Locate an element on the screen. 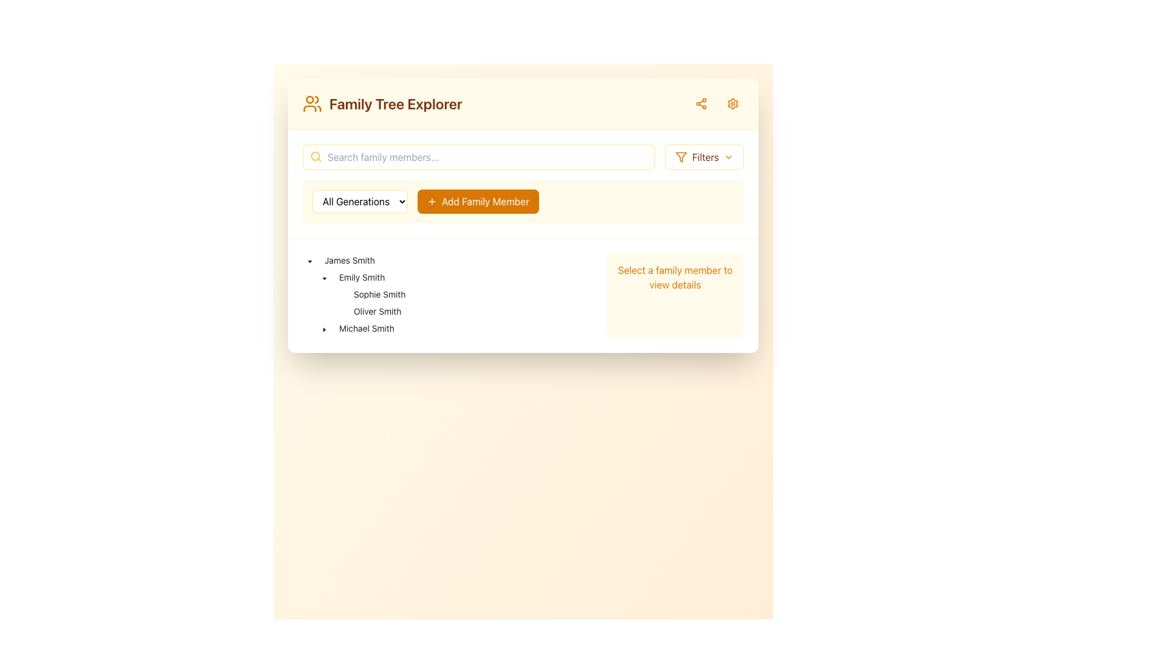 This screenshot has width=1167, height=656. the amber orange user icon located to the left of the text 'Family Tree Explorer' in the top-left section of the interface is located at coordinates (312, 103).